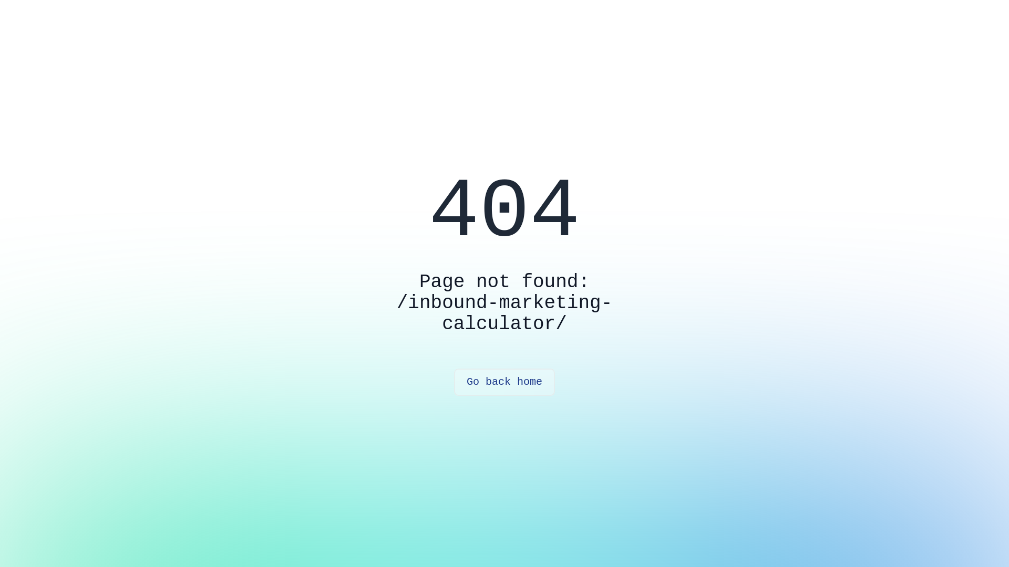  I want to click on 'Go back home', so click(504, 382).